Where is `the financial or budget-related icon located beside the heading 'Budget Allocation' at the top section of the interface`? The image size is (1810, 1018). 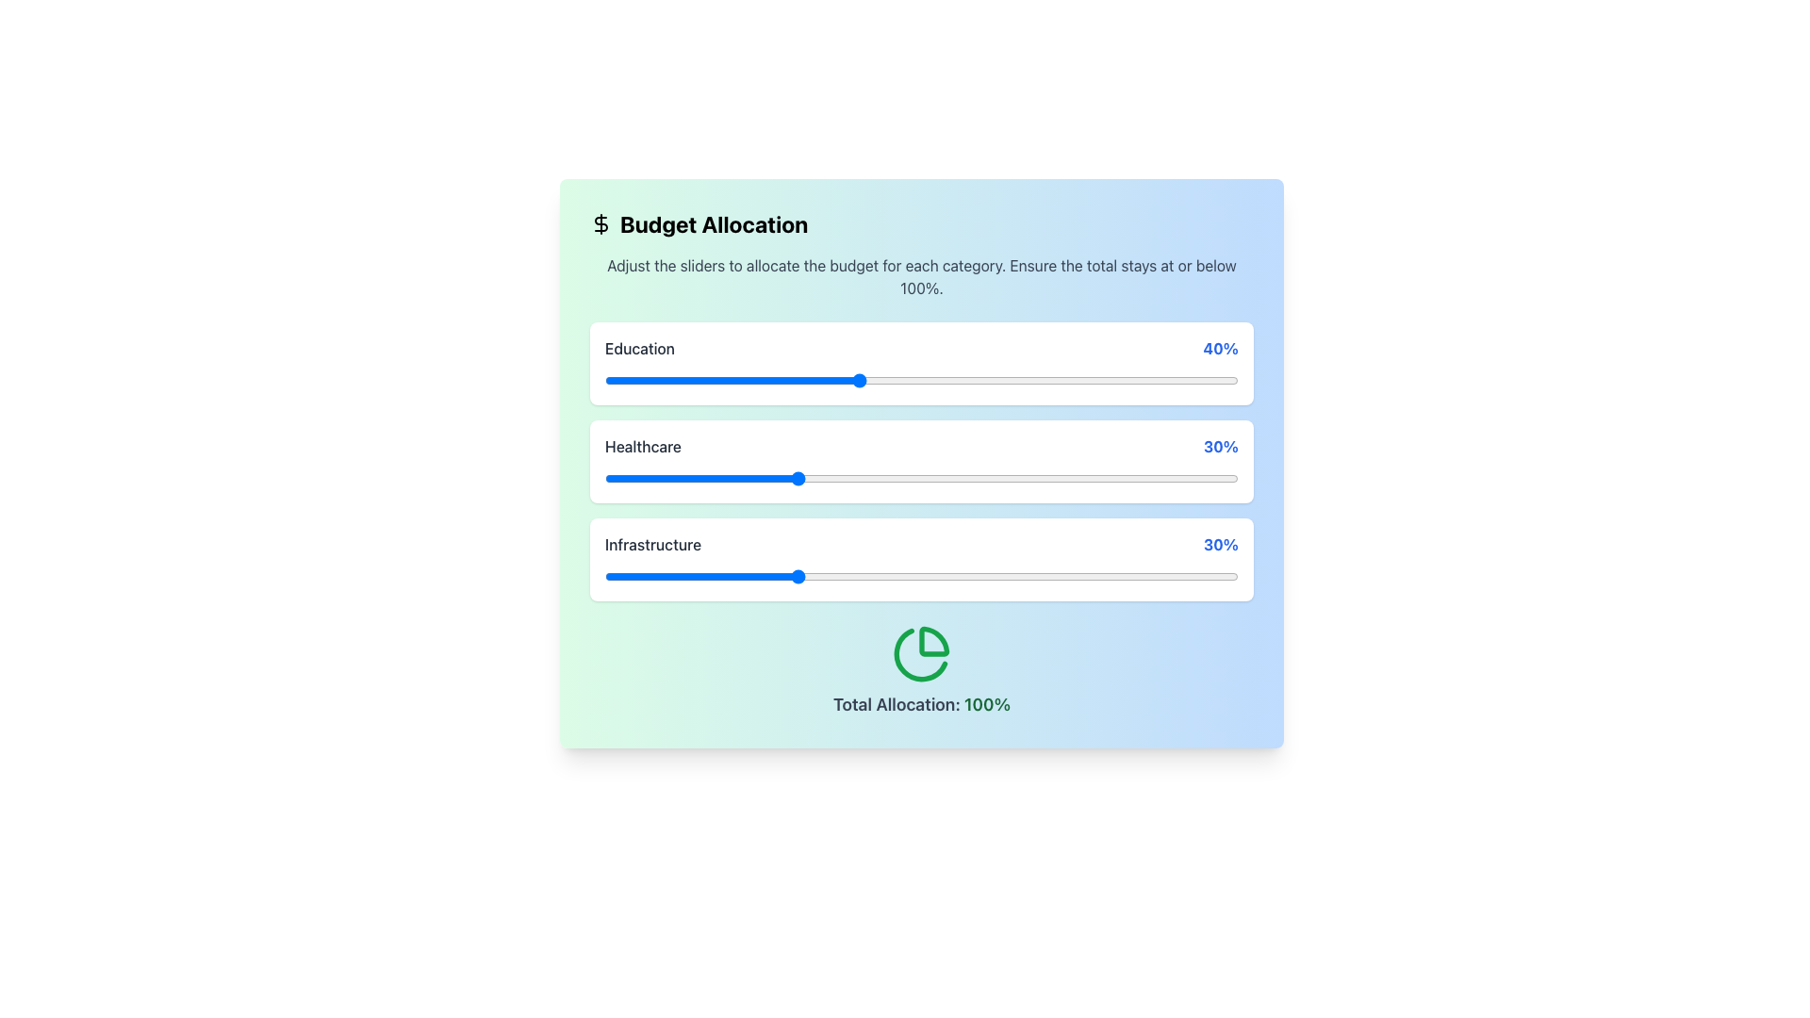
the financial or budget-related icon located beside the heading 'Budget Allocation' at the top section of the interface is located at coordinates (601, 223).